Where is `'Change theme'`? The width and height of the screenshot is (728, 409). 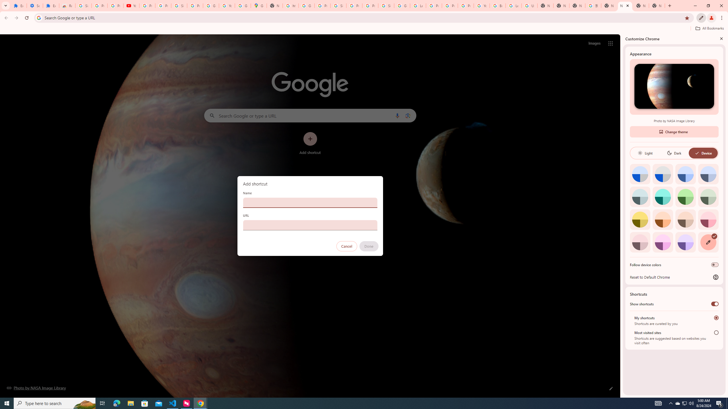
'Change theme' is located at coordinates (674, 132).